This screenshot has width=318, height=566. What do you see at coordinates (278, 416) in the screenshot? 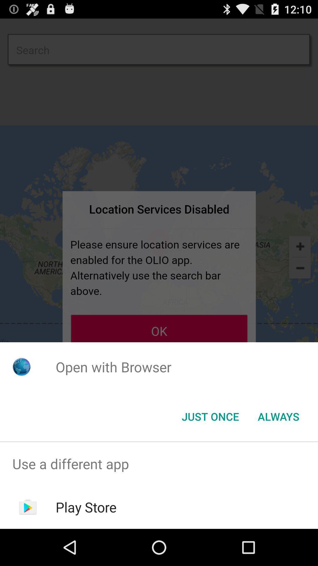
I see `the item to the right of just once` at bounding box center [278, 416].